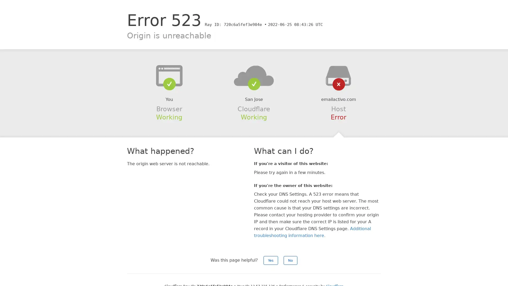 The width and height of the screenshot is (508, 286). What do you see at coordinates (290, 260) in the screenshot?
I see `No` at bounding box center [290, 260].